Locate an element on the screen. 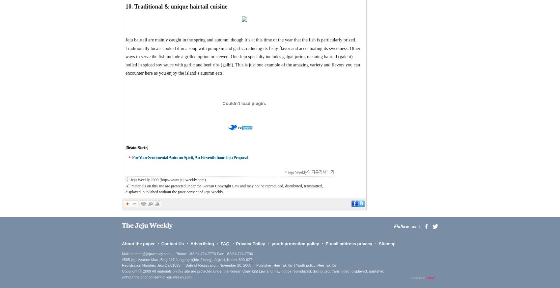 This screenshot has height=288, width=560. 'ⓒ Jeju Weekly 2009 (http://www.jejuweekly.com)' is located at coordinates (165, 180).